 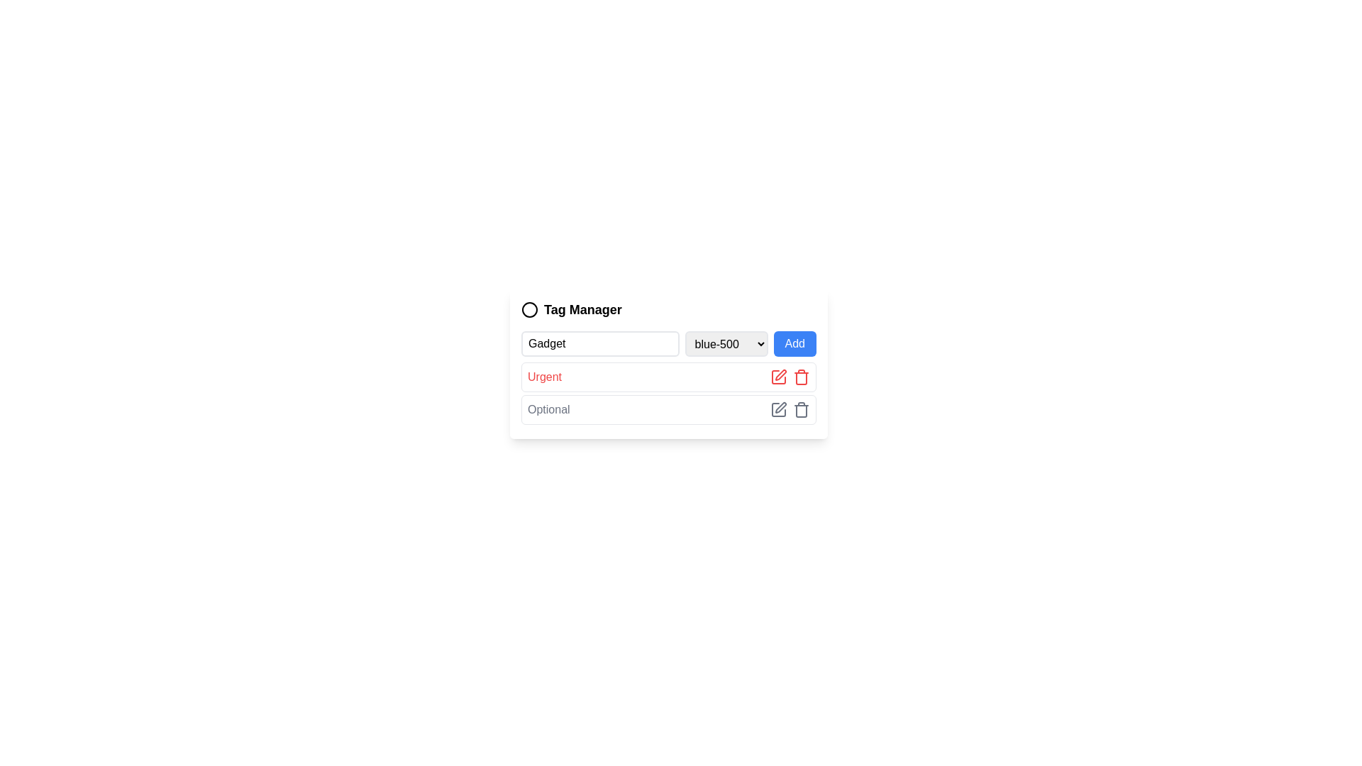 What do you see at coordinates (529, 309) in the screenshot?
I see `the circular icon with a hollow center located to the left of the 'Tag Manager' text, which serves as a visual identifier in the horizontal label group on the central card` at bounding box center [529, 309].